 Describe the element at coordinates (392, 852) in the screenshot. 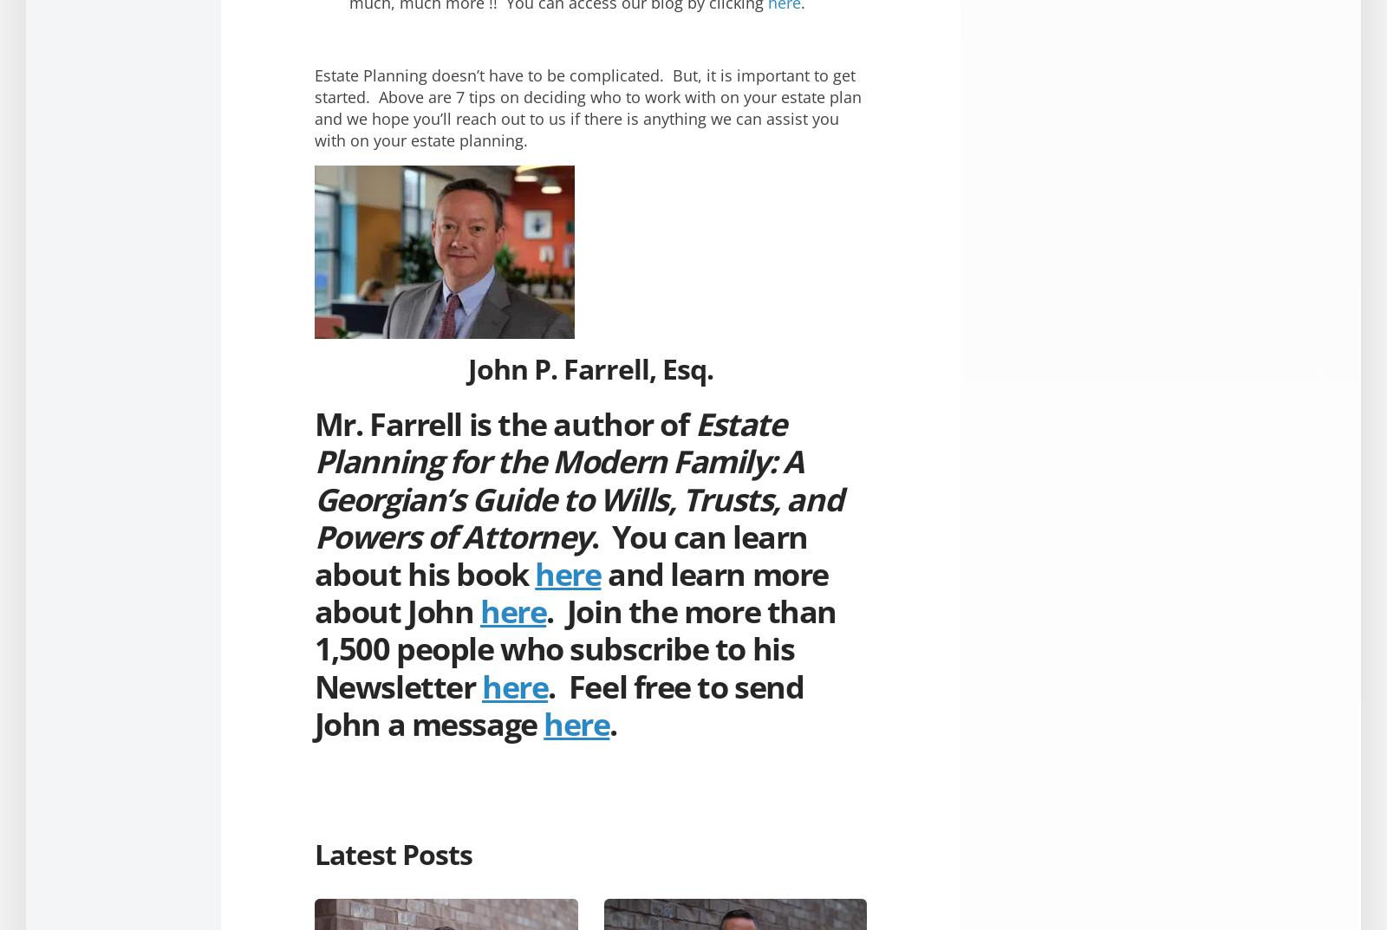

I see `'Latest Posts'` at that location.